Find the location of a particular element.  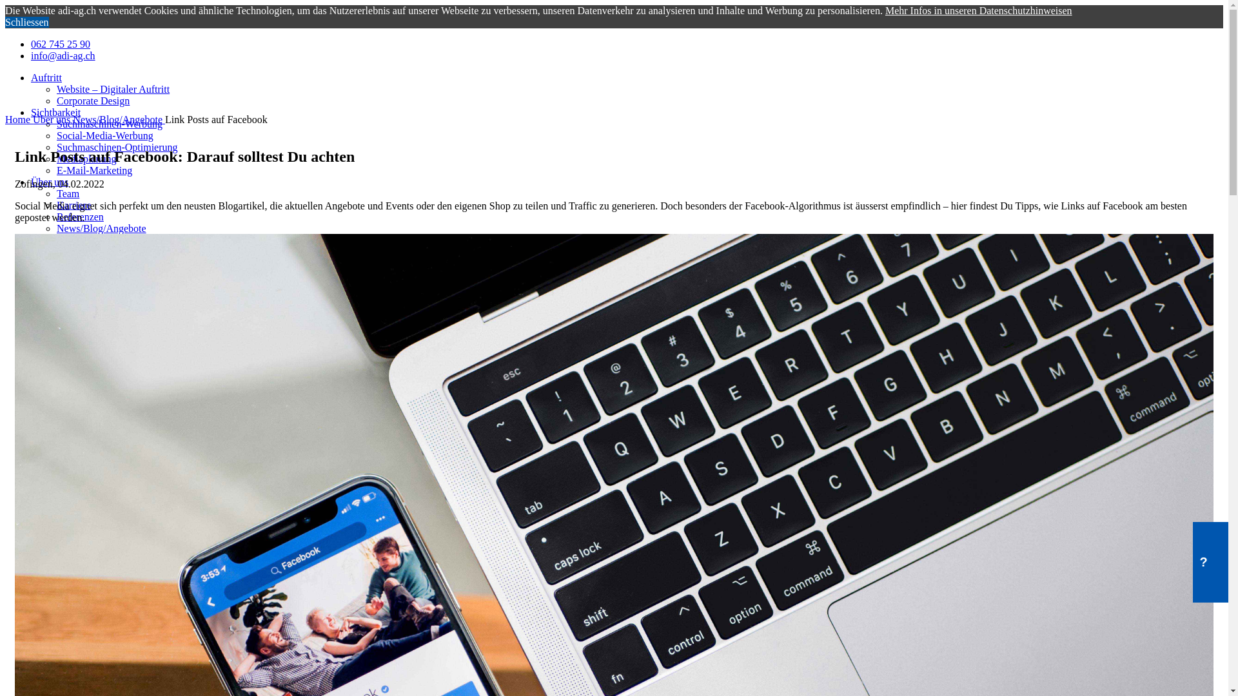

'Suchmaschinen-Werbung' is located at coordinates (109, 124).